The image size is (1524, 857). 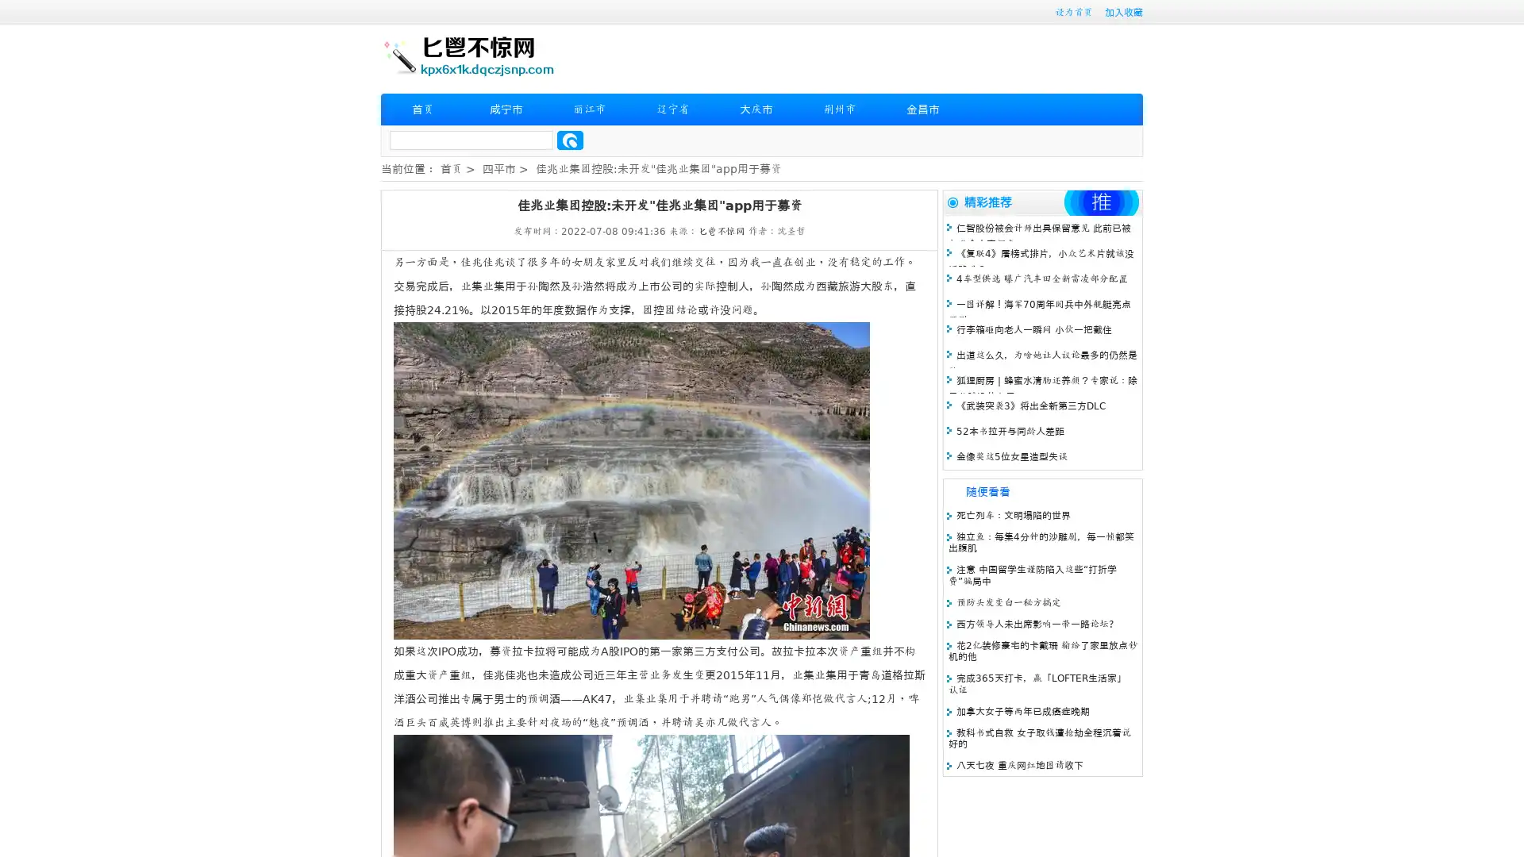 What do you see at coordinates (570, 140) in the screenshot?
I see `Search` at bounding box center [570, 140].